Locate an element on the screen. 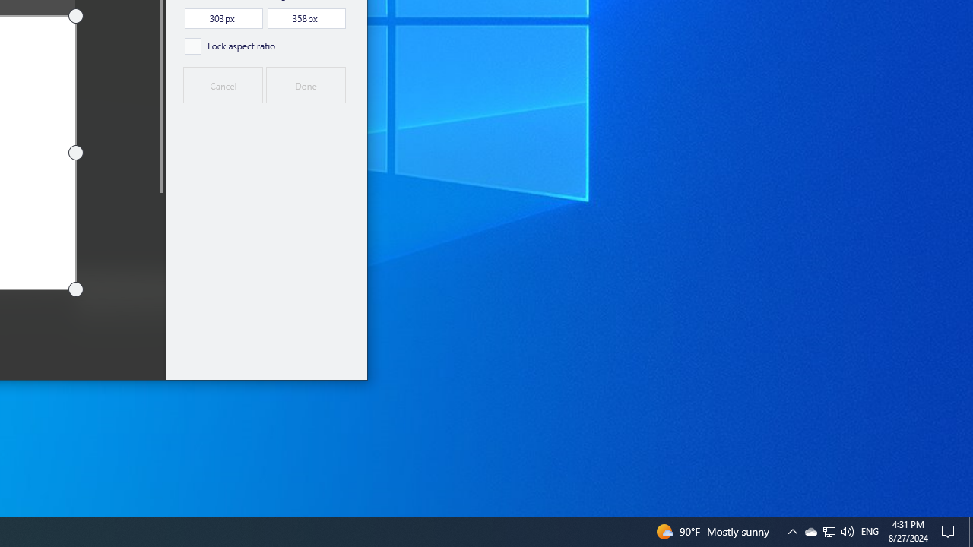 This screenshot has width=973, height=547. 'Cancel' is located at coordinates (222, 84).